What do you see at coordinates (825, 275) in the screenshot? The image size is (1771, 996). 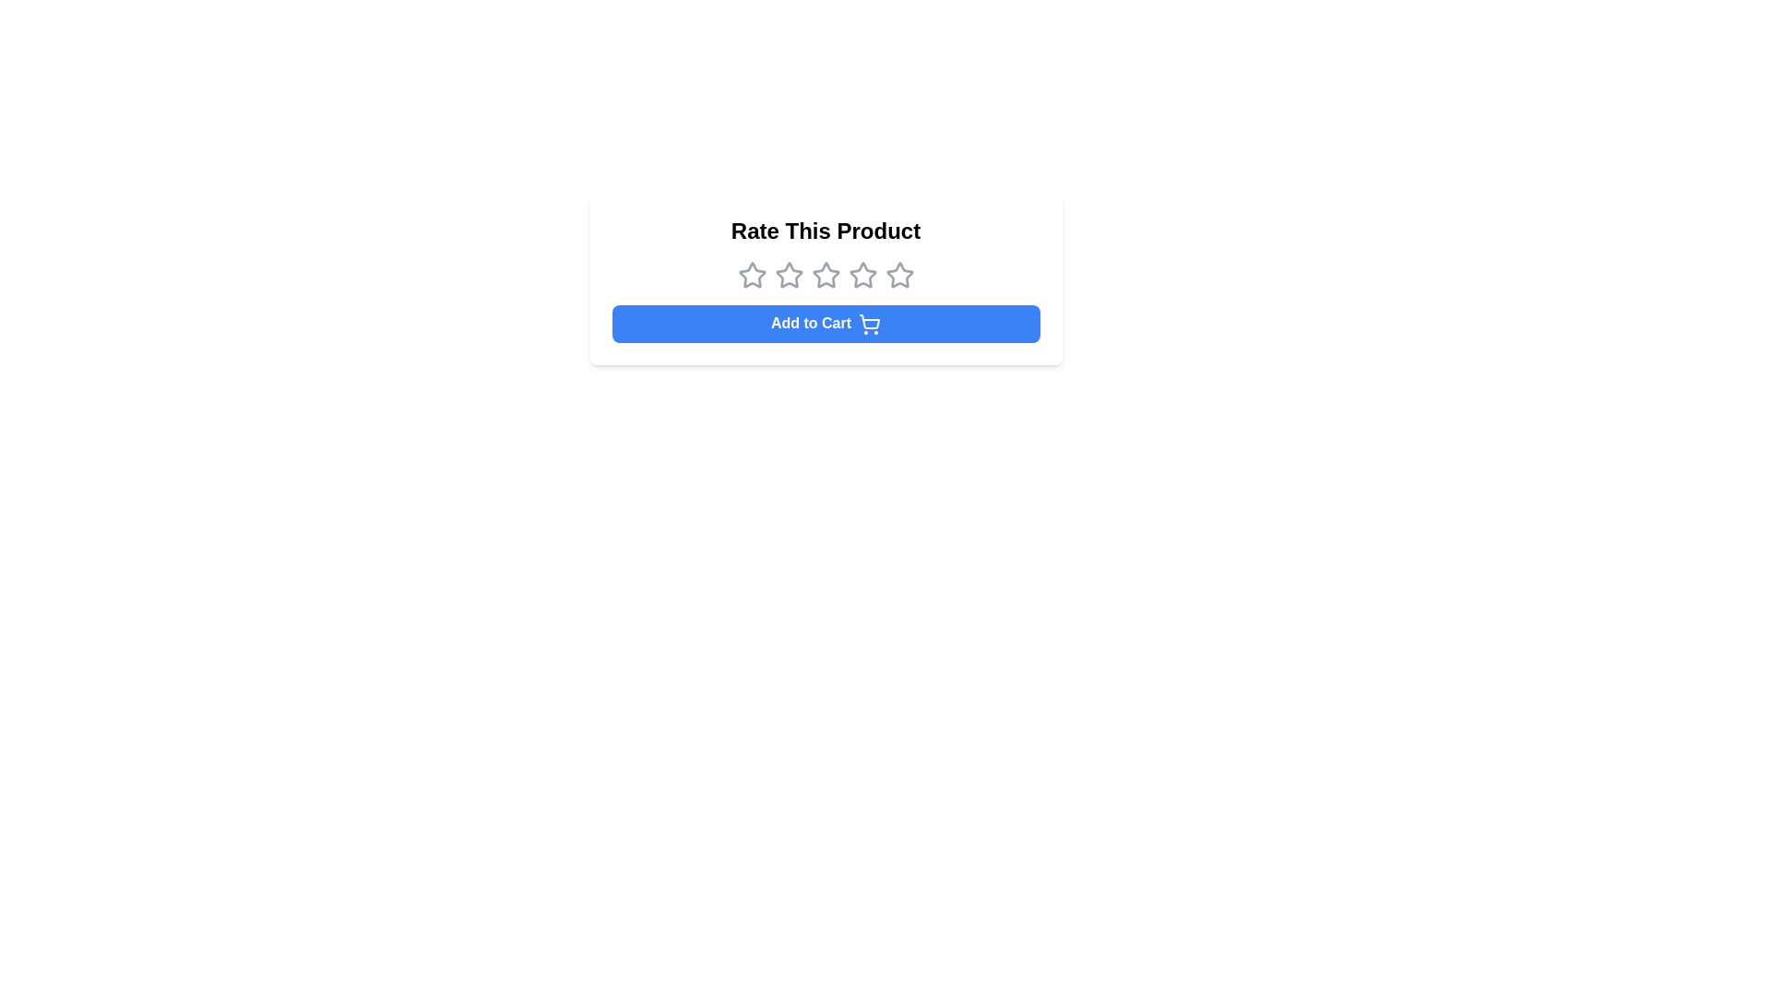 I see `the third star-shaped rating icon in the row of five stars` at bounding box center [825, 275].